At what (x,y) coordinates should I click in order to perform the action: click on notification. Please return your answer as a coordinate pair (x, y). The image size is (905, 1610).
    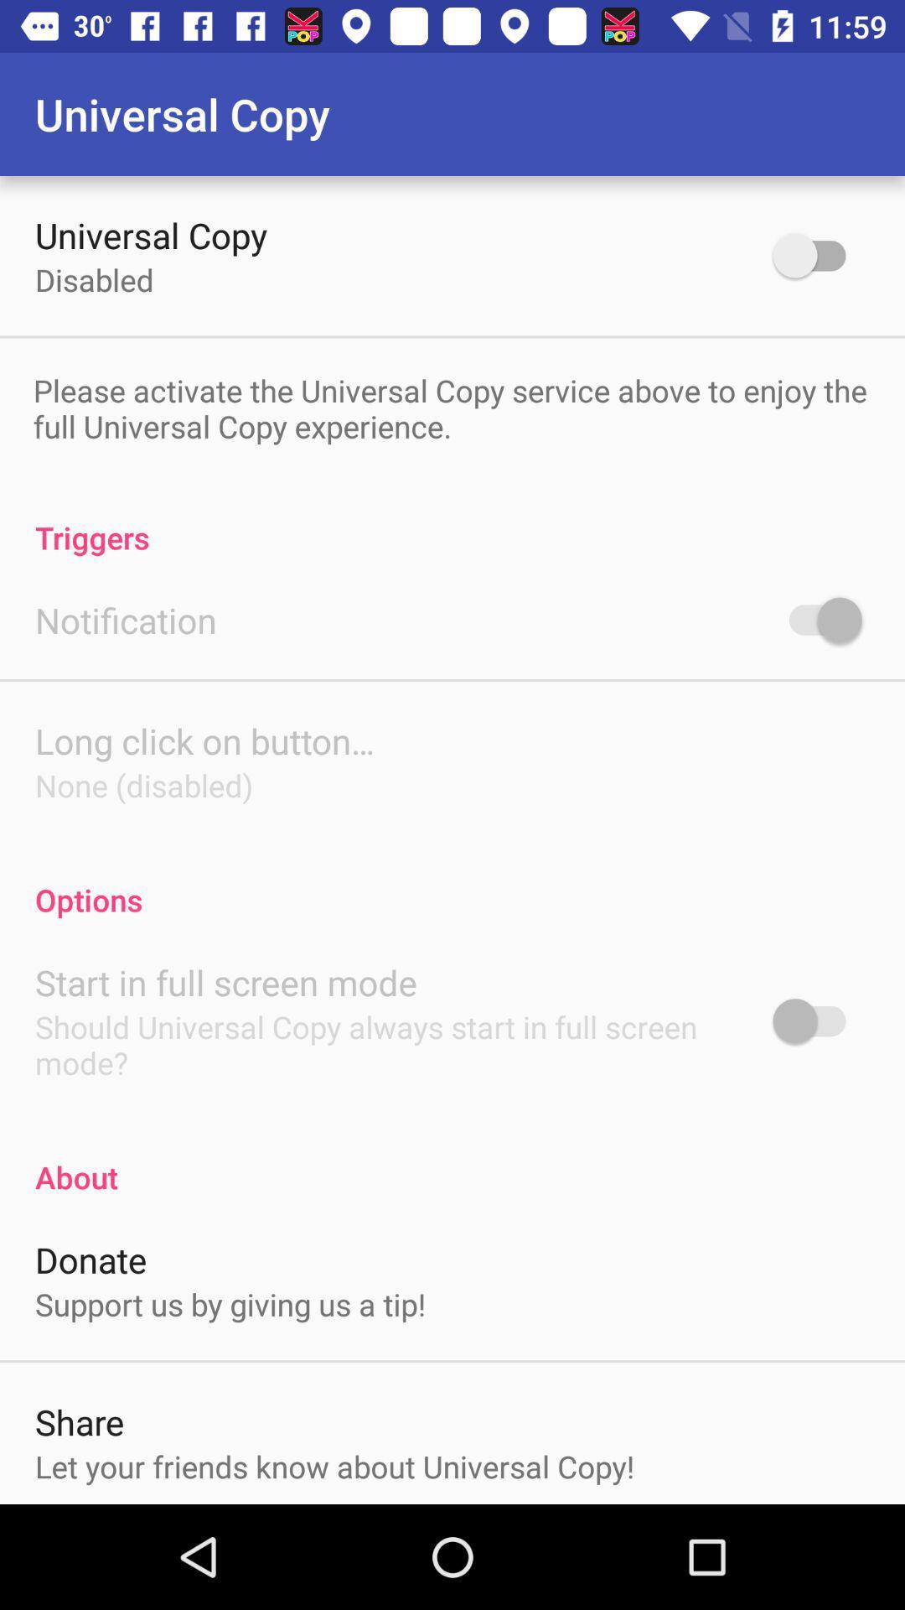
    Looking at the image, I should click on (816, 619).